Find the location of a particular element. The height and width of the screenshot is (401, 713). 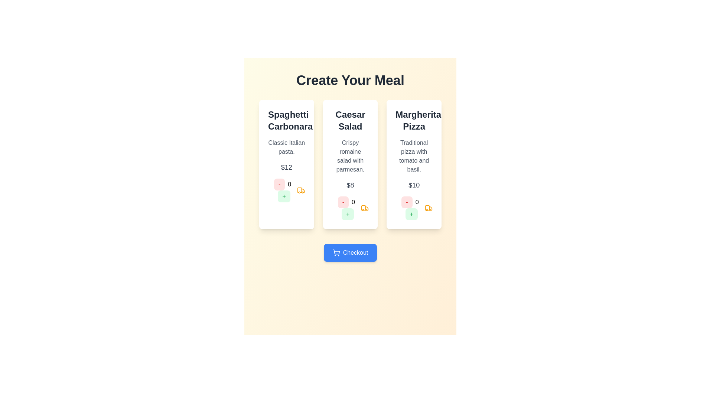

the 'Checkout' text label element is located at coordinates (355, 252).